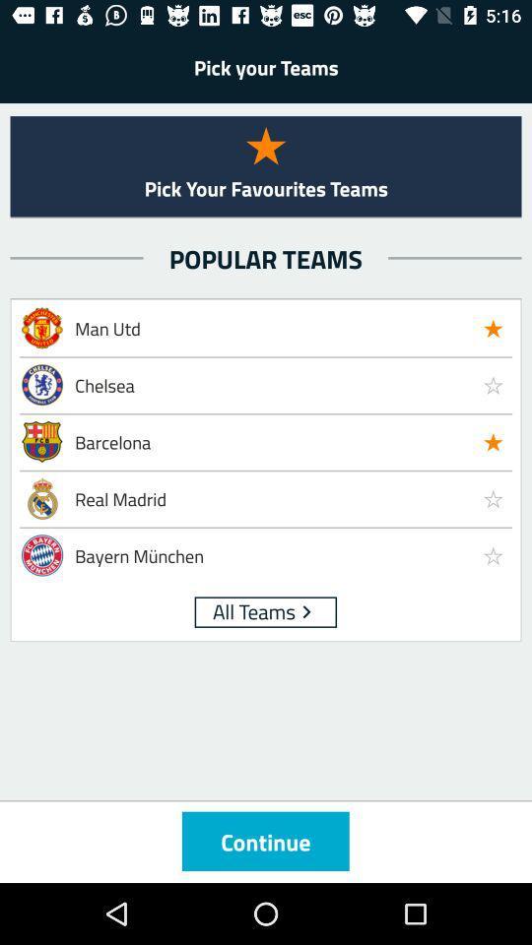 This screenshot has height=945, width=532. Describe the element at coordinates (254, 609) in the screenshot. I see `the all teams item` at that location.